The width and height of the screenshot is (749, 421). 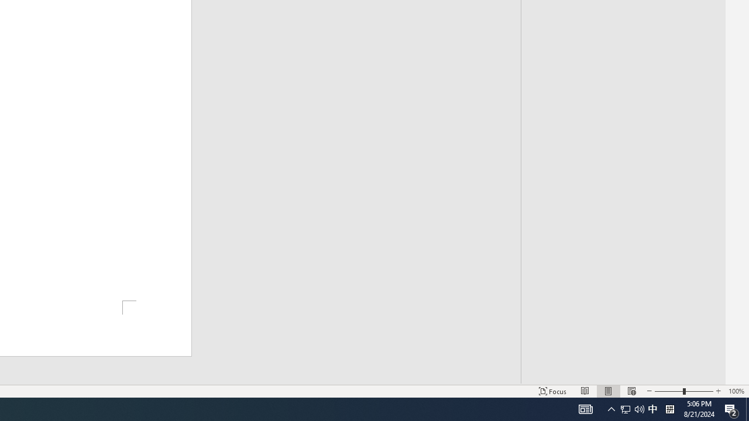 What do you see at coordinates (683, 391) in the screenshot?
I see `'Zoom'` at bounding box center [683, 391].